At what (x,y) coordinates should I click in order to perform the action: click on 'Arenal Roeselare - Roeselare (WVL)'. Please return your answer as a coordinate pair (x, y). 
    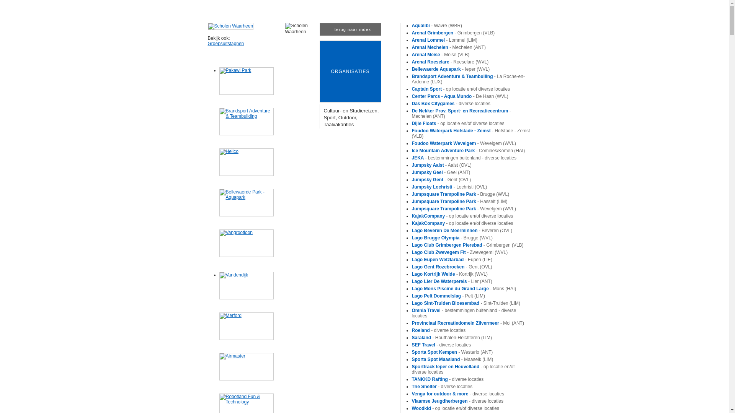
    Looking at the image, I should click on (450, 62).